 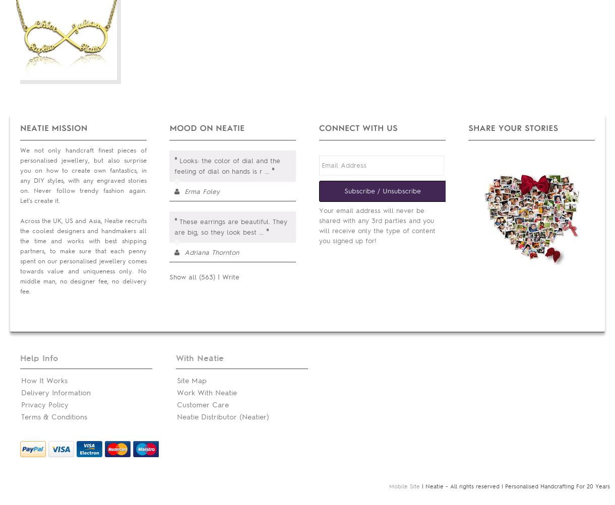 I want to click on 'Neatier Portal', so click(x=396, y=380).